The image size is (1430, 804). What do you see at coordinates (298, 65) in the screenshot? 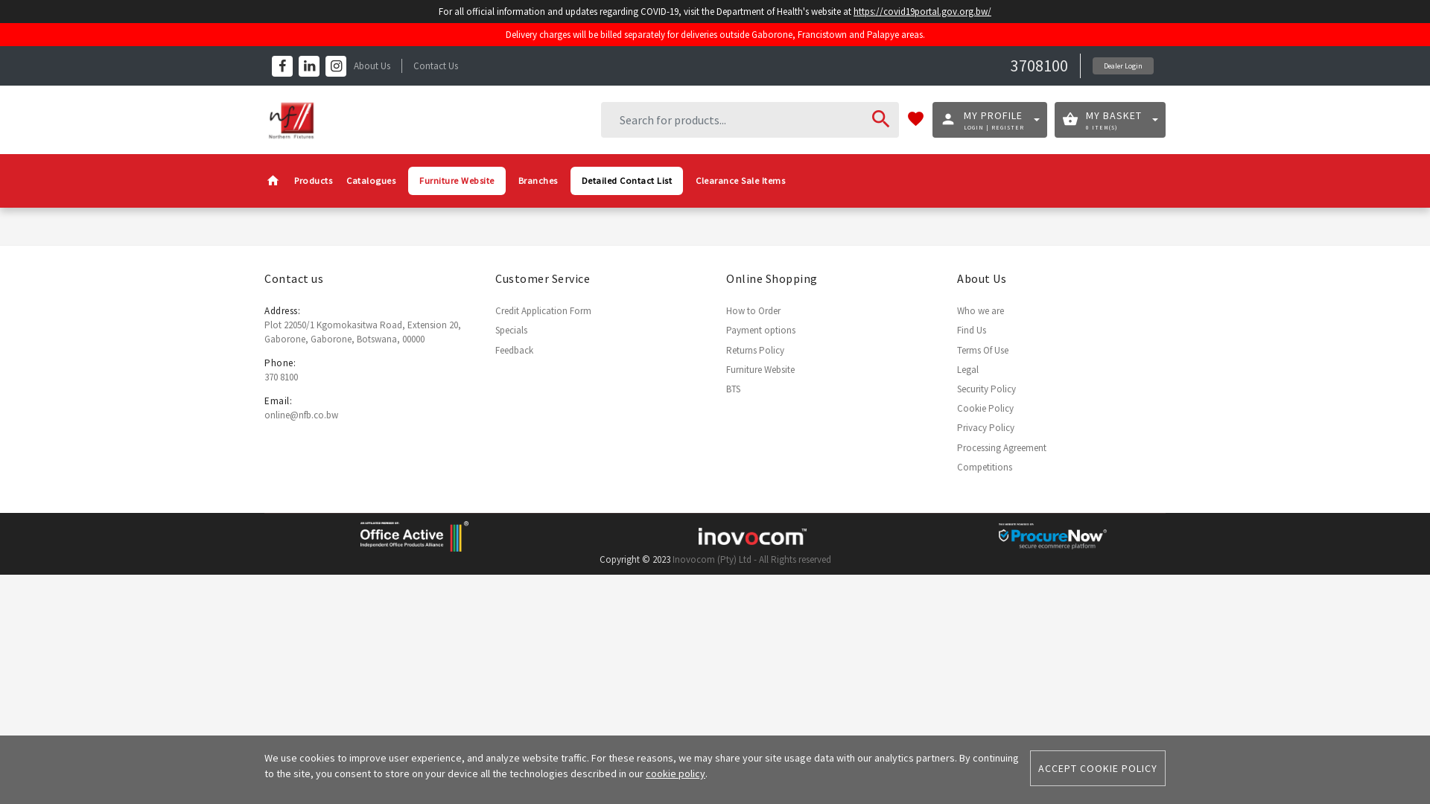
I see `'Linkedin'` at bounding box center [298, 65].